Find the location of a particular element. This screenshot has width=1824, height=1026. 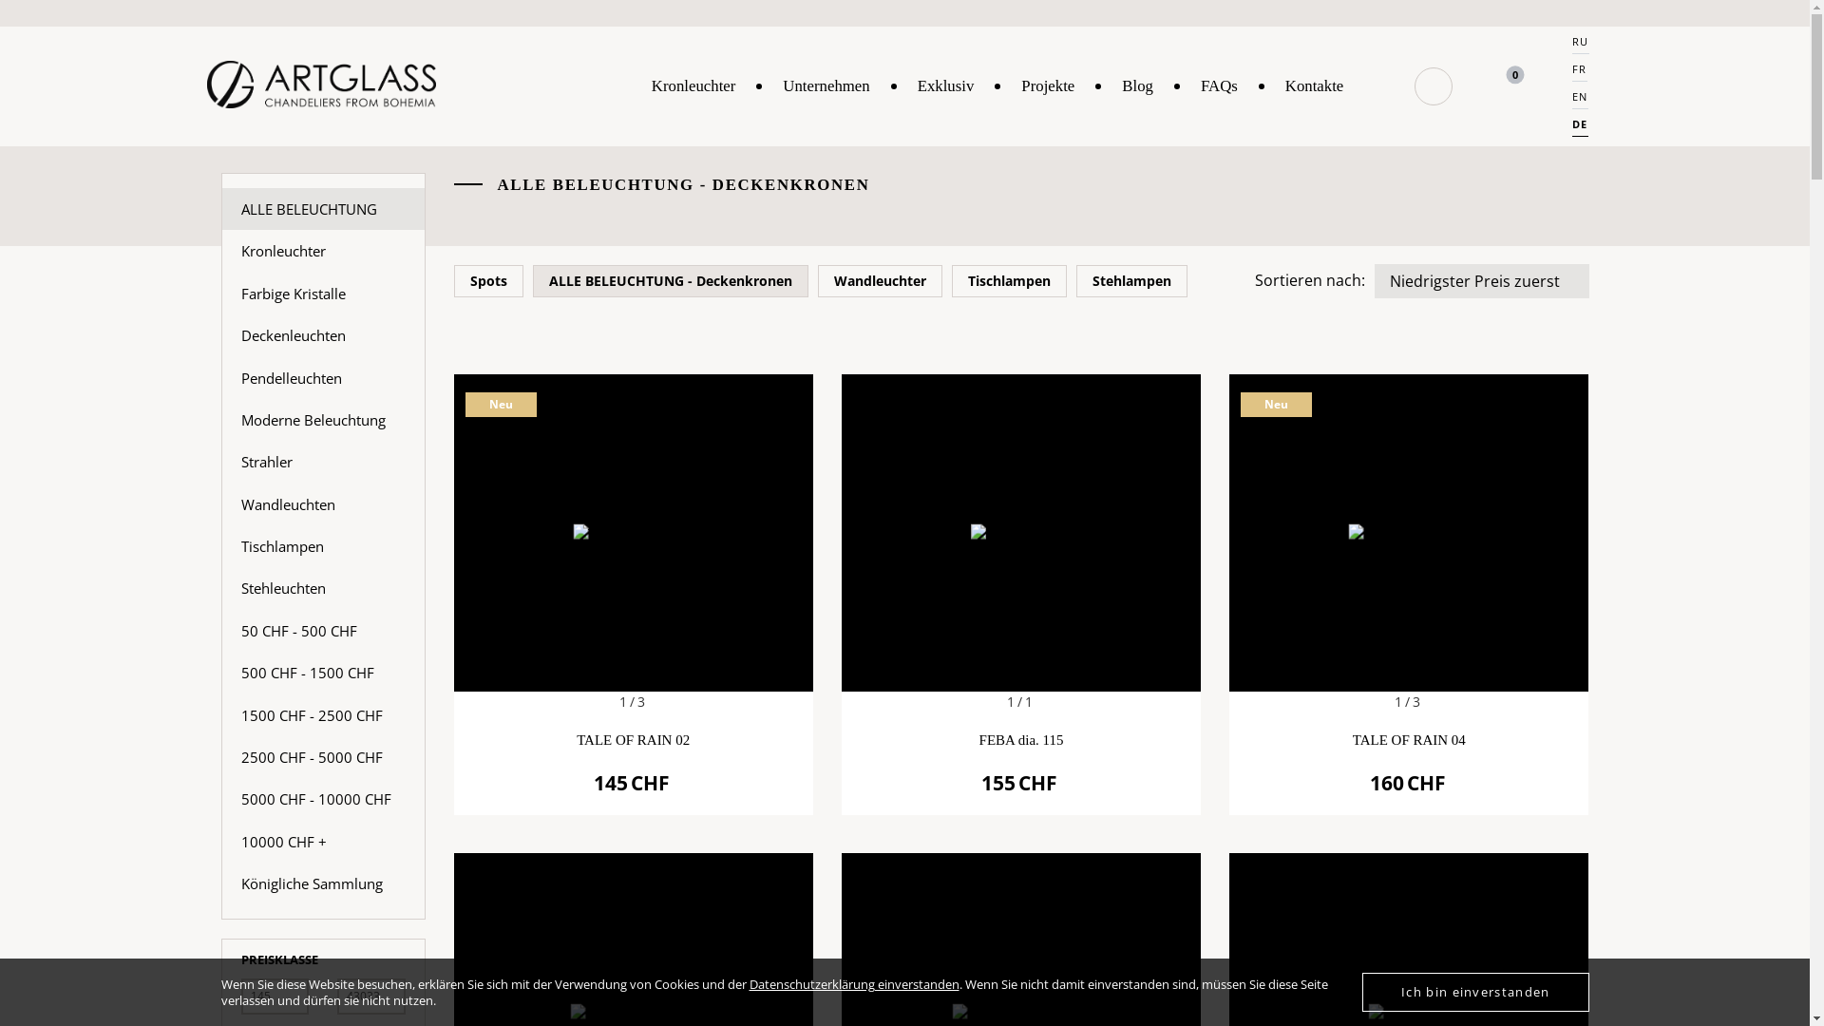

'Ich bin einverstanden' is located at coordinates (1474, 991).